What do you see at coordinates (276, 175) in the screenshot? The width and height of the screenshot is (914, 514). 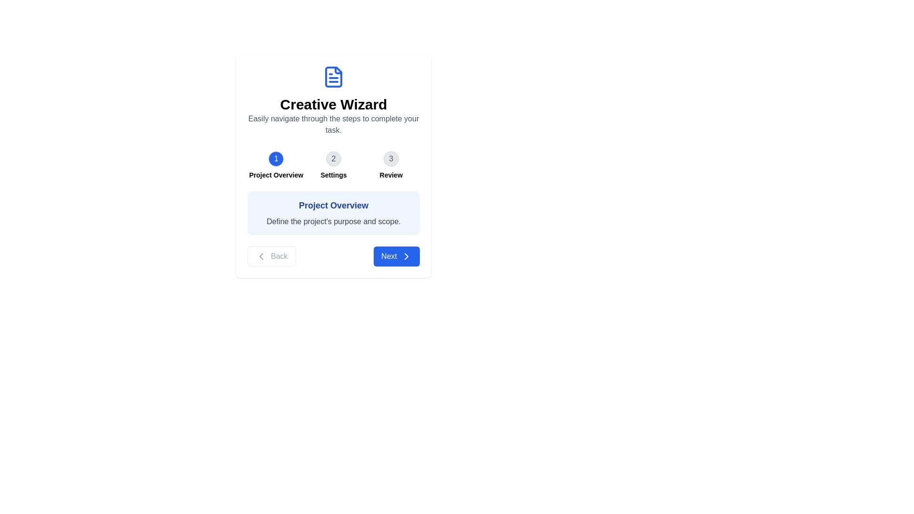 I see `the 'Project Overview' label, which is a bold text block located below the circular icon labeled '1' in the step indicator layout` at bounding box center [276, 175].